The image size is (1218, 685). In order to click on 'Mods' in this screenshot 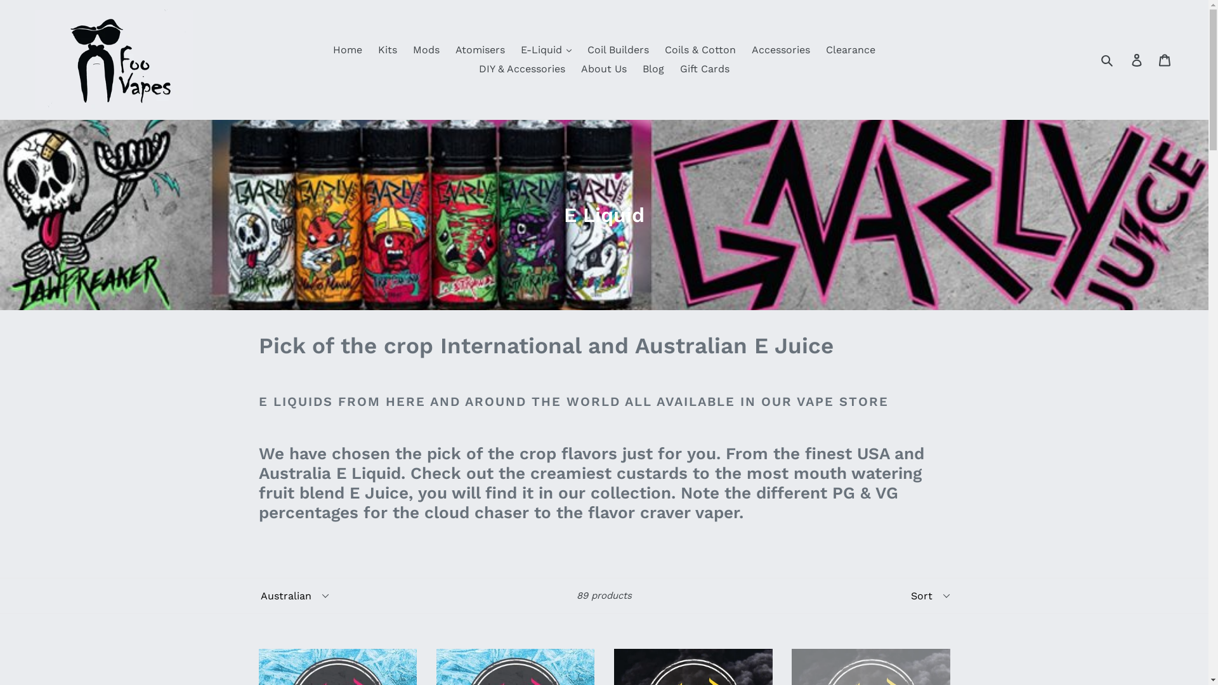, I will do `click(426, 49)`.